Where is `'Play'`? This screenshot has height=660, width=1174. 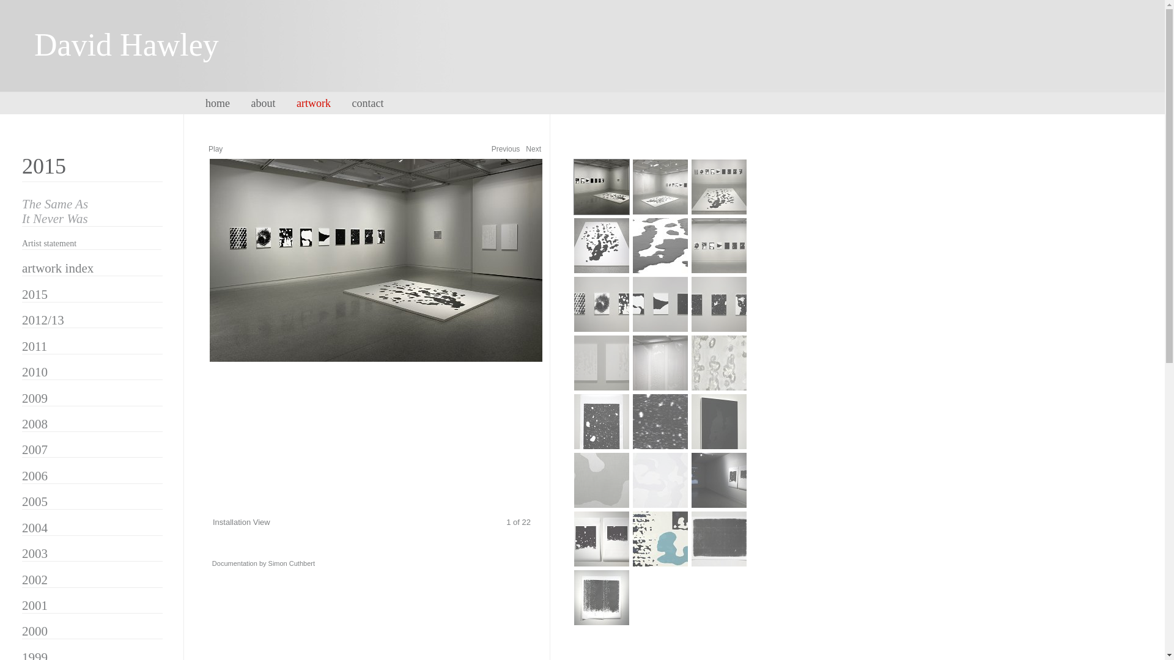 'Play' is located at coordinates (215, 148).